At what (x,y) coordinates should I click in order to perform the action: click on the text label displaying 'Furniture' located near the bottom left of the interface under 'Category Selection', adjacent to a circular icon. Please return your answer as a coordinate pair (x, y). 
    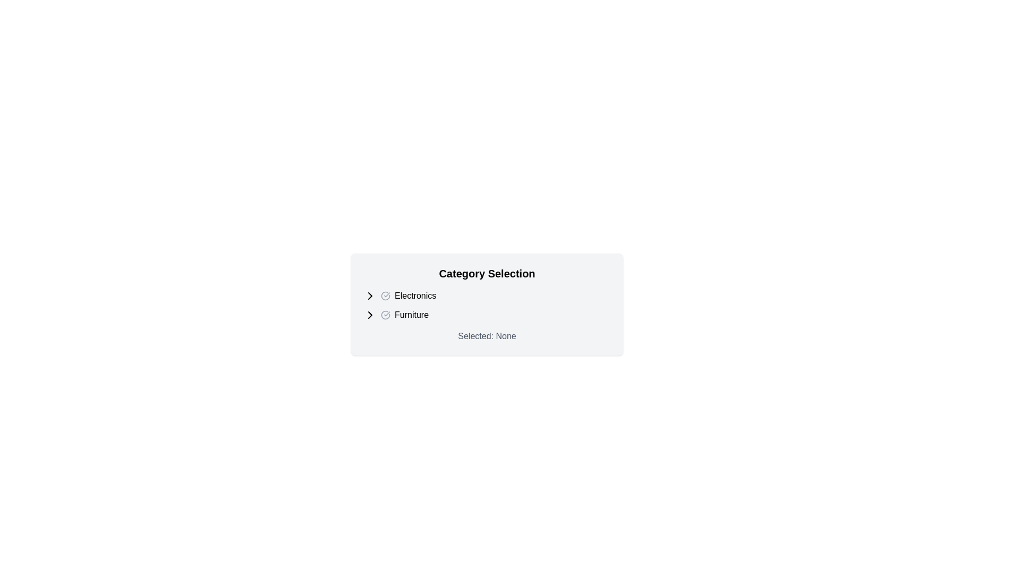
    Looking at the image, I should click on (411, 315).